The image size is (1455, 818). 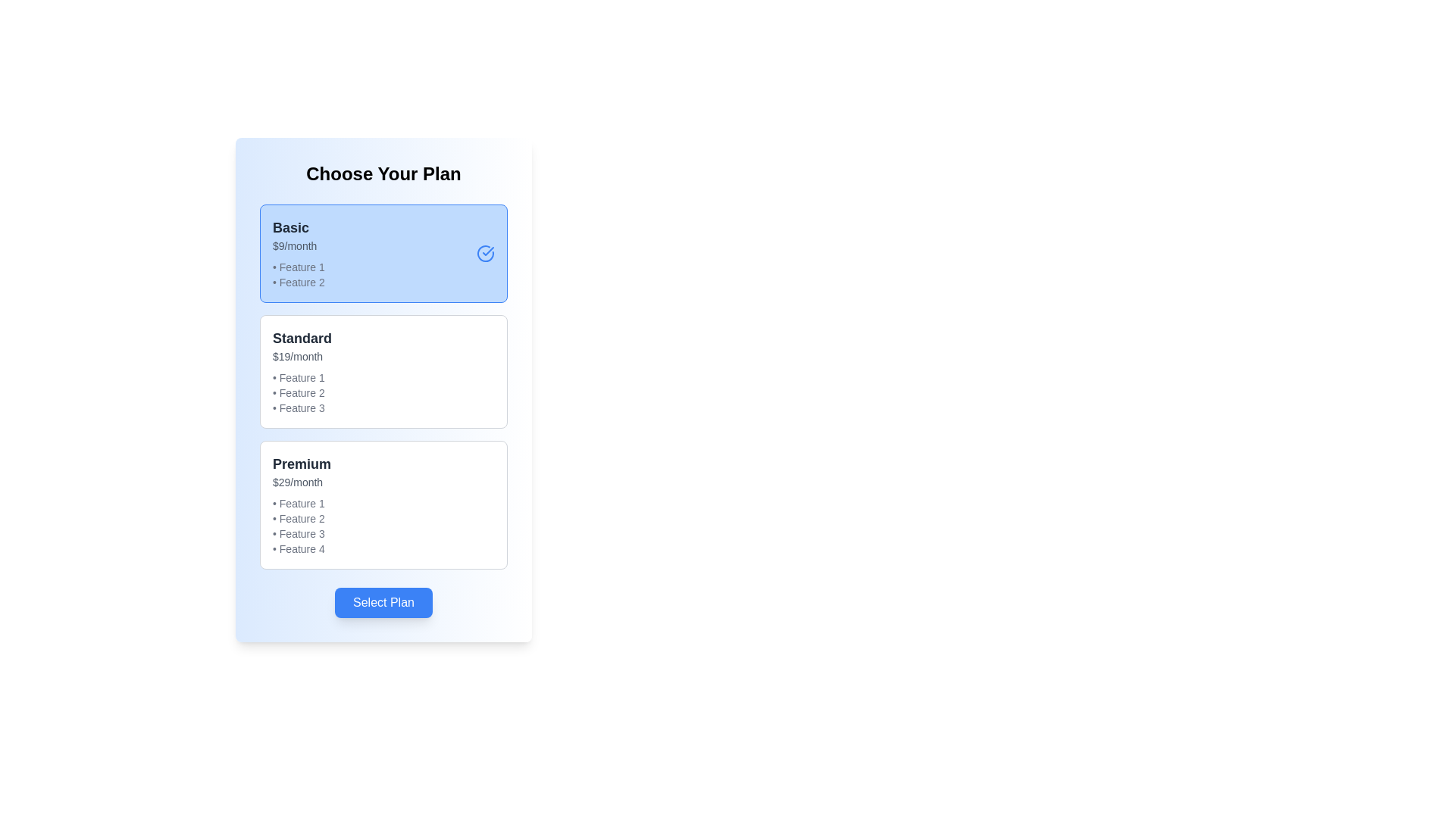 I want to click on the static text displaying the pricing information for the 'Standard' plan, which is positioned directly below the 'Standard' title and above the features list, so click(x=302, y=356).